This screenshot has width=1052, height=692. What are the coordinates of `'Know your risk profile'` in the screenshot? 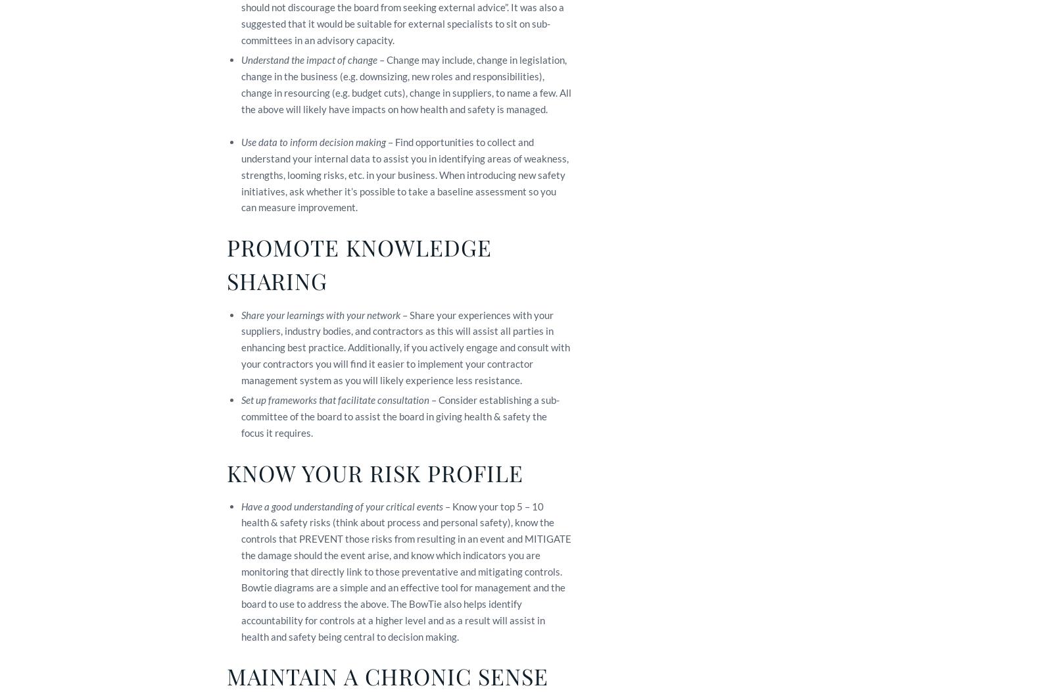 It's located at (374, 472).